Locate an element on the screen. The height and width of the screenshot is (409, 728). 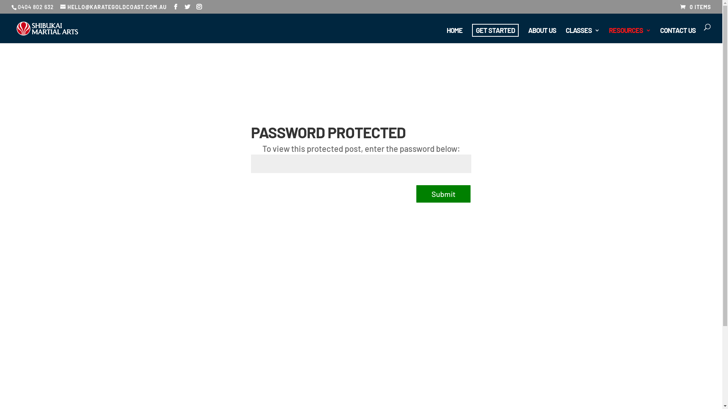
'ABOUT US' is located at coordinates (527, 35).